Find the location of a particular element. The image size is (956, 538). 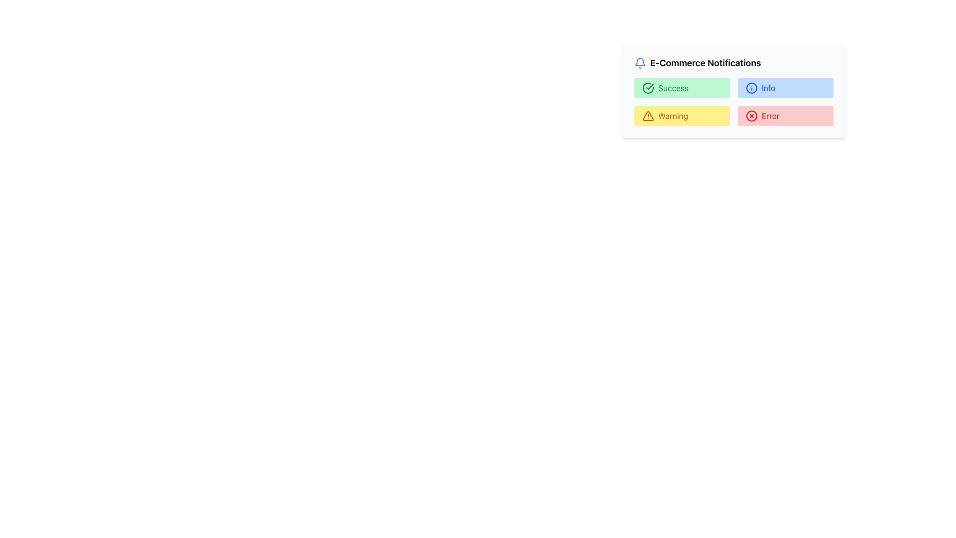

the static notification status label that indicates 'Success', located in the notification bar next to a green checkmark icon is located at coordinates (673, 88).